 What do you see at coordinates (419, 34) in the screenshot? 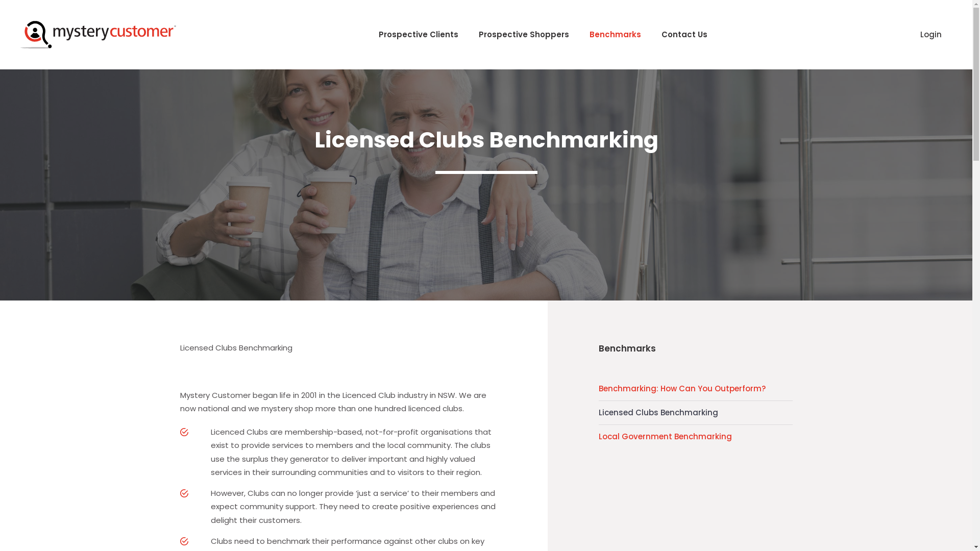
I see `'Prospective Clients'` at bounding box center [419, 34].